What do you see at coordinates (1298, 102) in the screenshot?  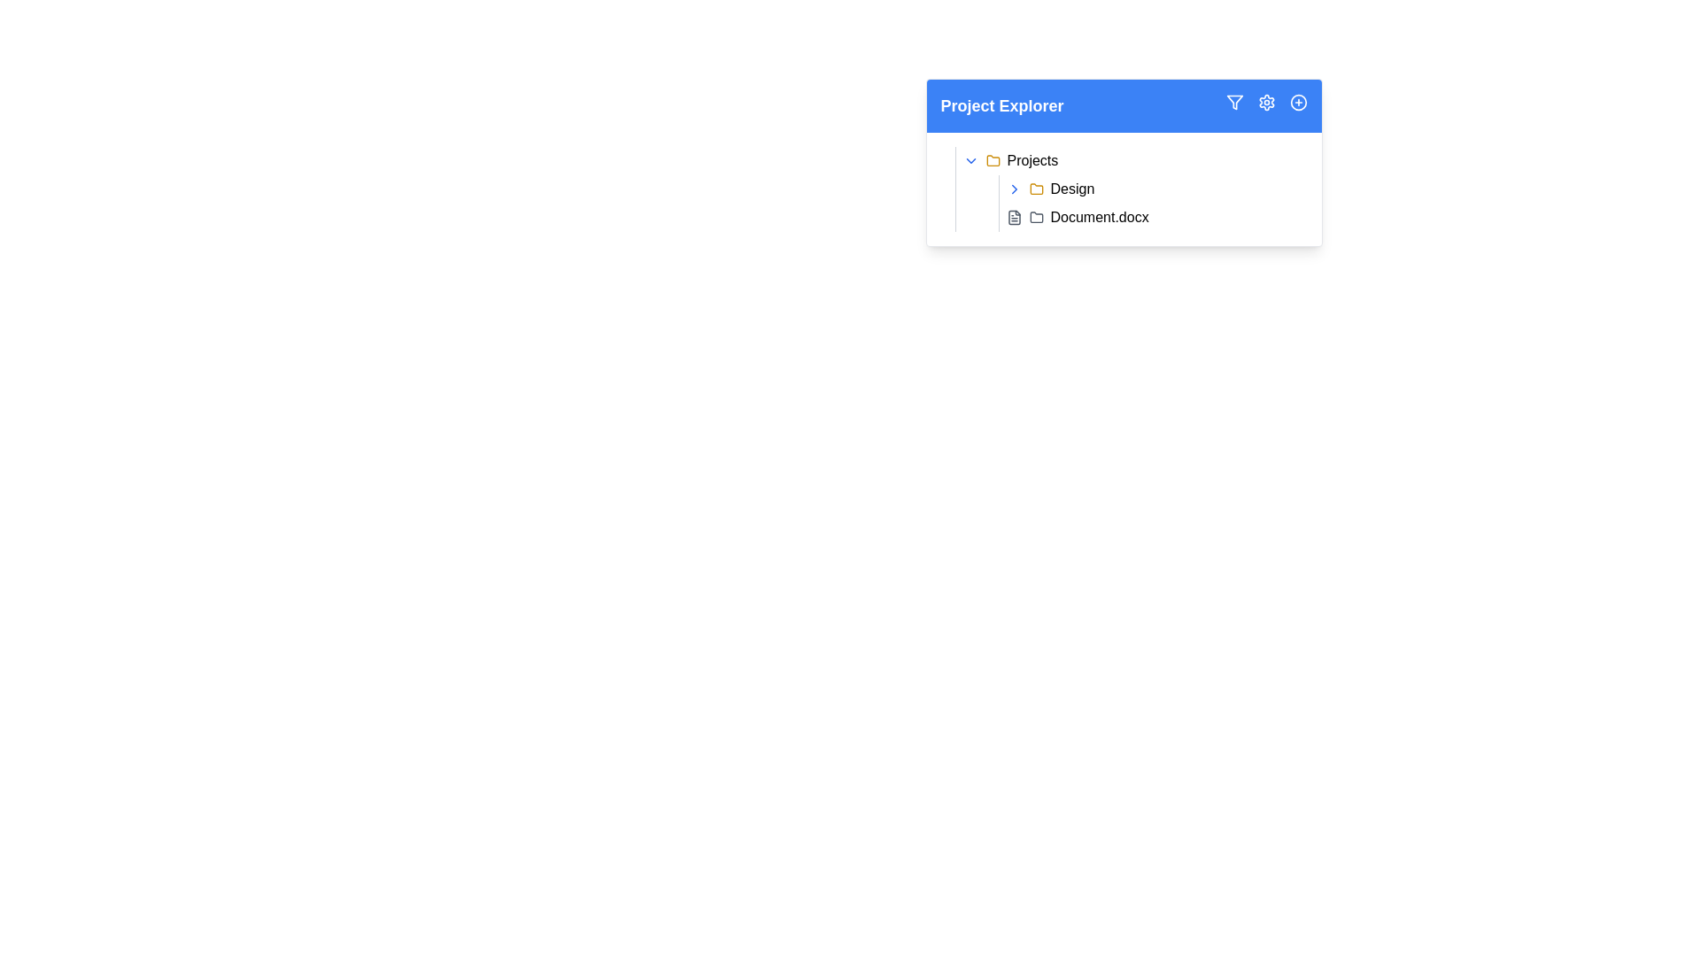 I see `the action button located in the top-right corner of the blue header of the 'Project Explorer' panel` at bounding box center [1298, 102].